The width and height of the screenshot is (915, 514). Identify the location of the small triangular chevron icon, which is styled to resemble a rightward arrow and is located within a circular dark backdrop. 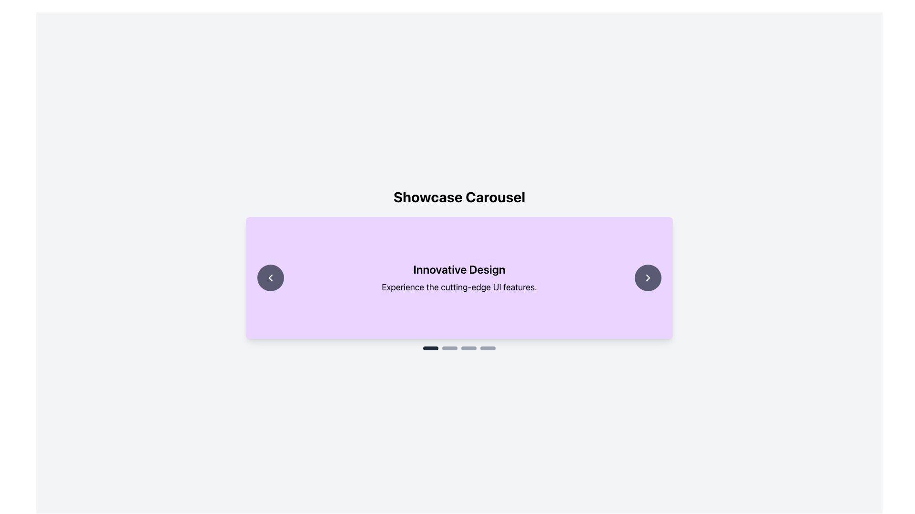
(648, 277).